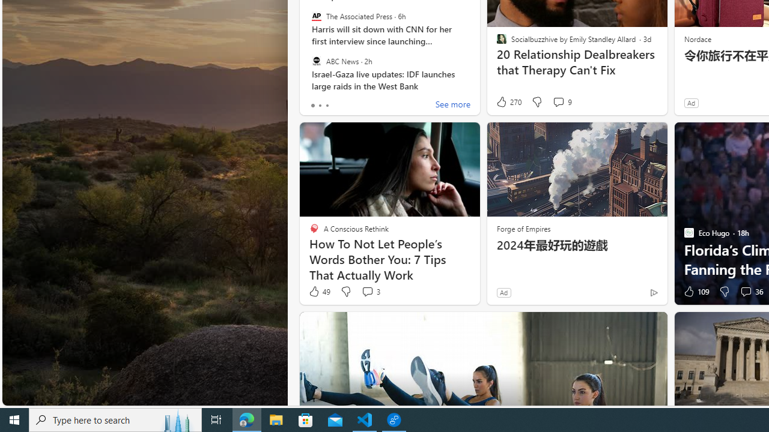  What do you see at coordinates (316, 61) in the screenshot?
I see `'ABC News'` at bounding box center [316, 61].